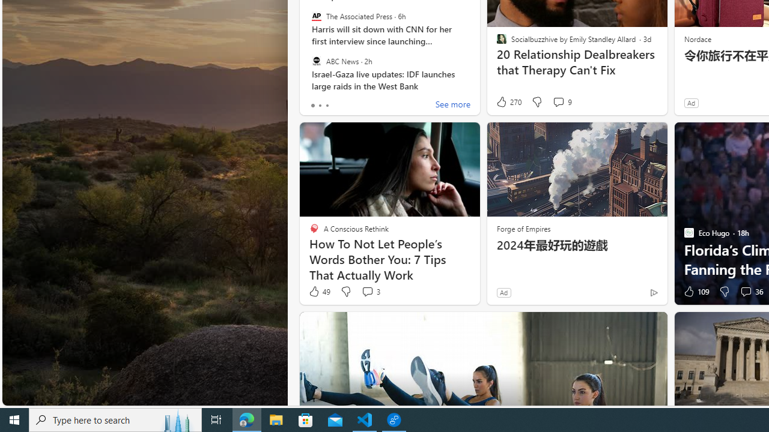  What do you see at coordinates (316, 61) in the screenshot?
I see `'ABC News'` at bounding box center [316, 61].